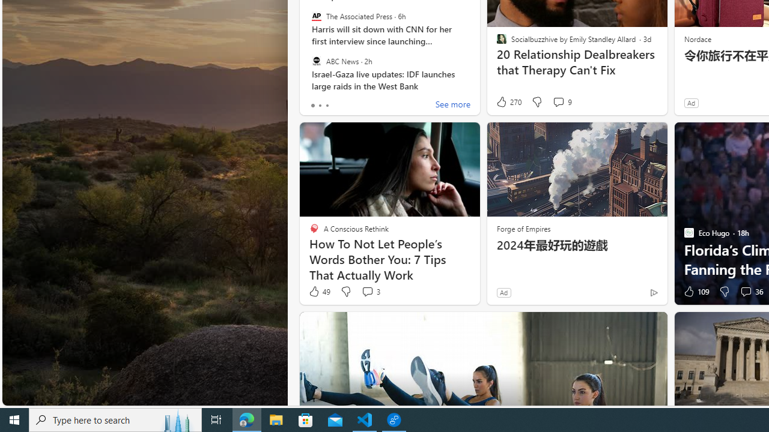  What do you see at coordinates (316, 61) in the screenshot?
I see `'ABC News'` at bounding box center [316, 61].